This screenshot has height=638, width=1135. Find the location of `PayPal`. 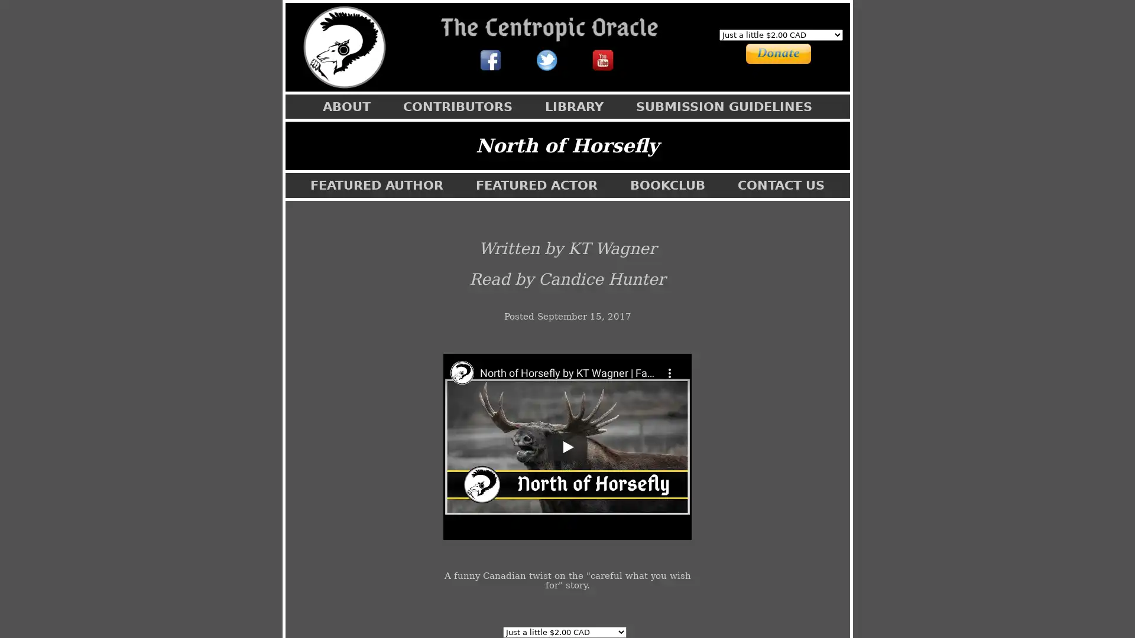

PayPal is located at coordinates (764, 51).